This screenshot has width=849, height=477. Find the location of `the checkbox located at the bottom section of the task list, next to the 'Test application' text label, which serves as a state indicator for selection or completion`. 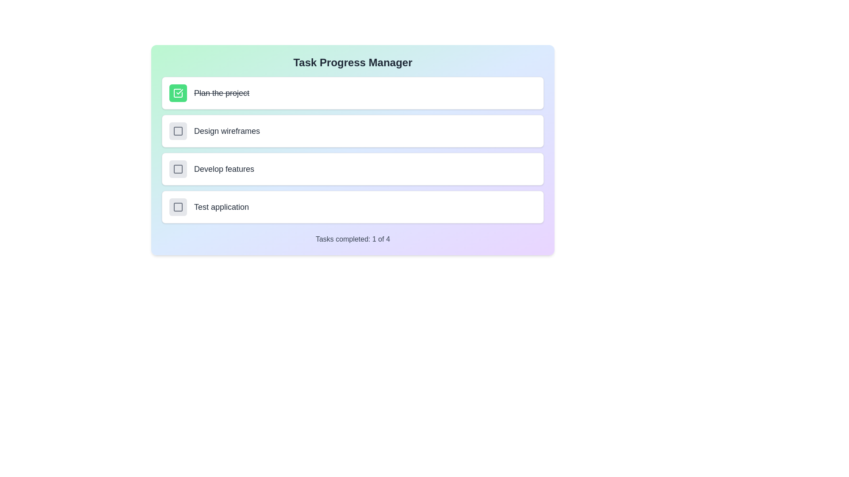

the checkbox located at the bottom section of the task list, next to the 'Test application' text label, which serves as a state indicator for selection or completion is located at coordinates (178, 207).